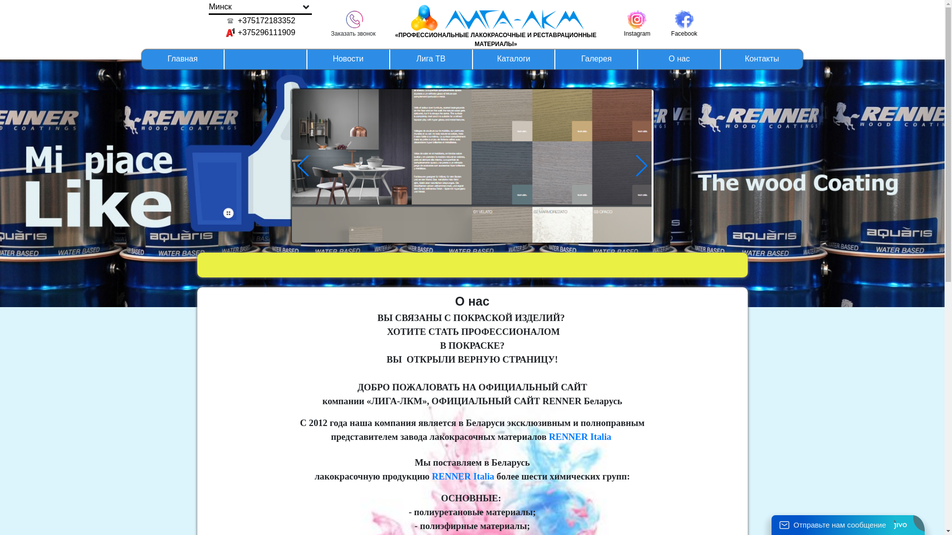  What do you see at coordinates (580, 435) in the screenshot?
I see `'RENNER Italia'` at bounding box center [580, 435].